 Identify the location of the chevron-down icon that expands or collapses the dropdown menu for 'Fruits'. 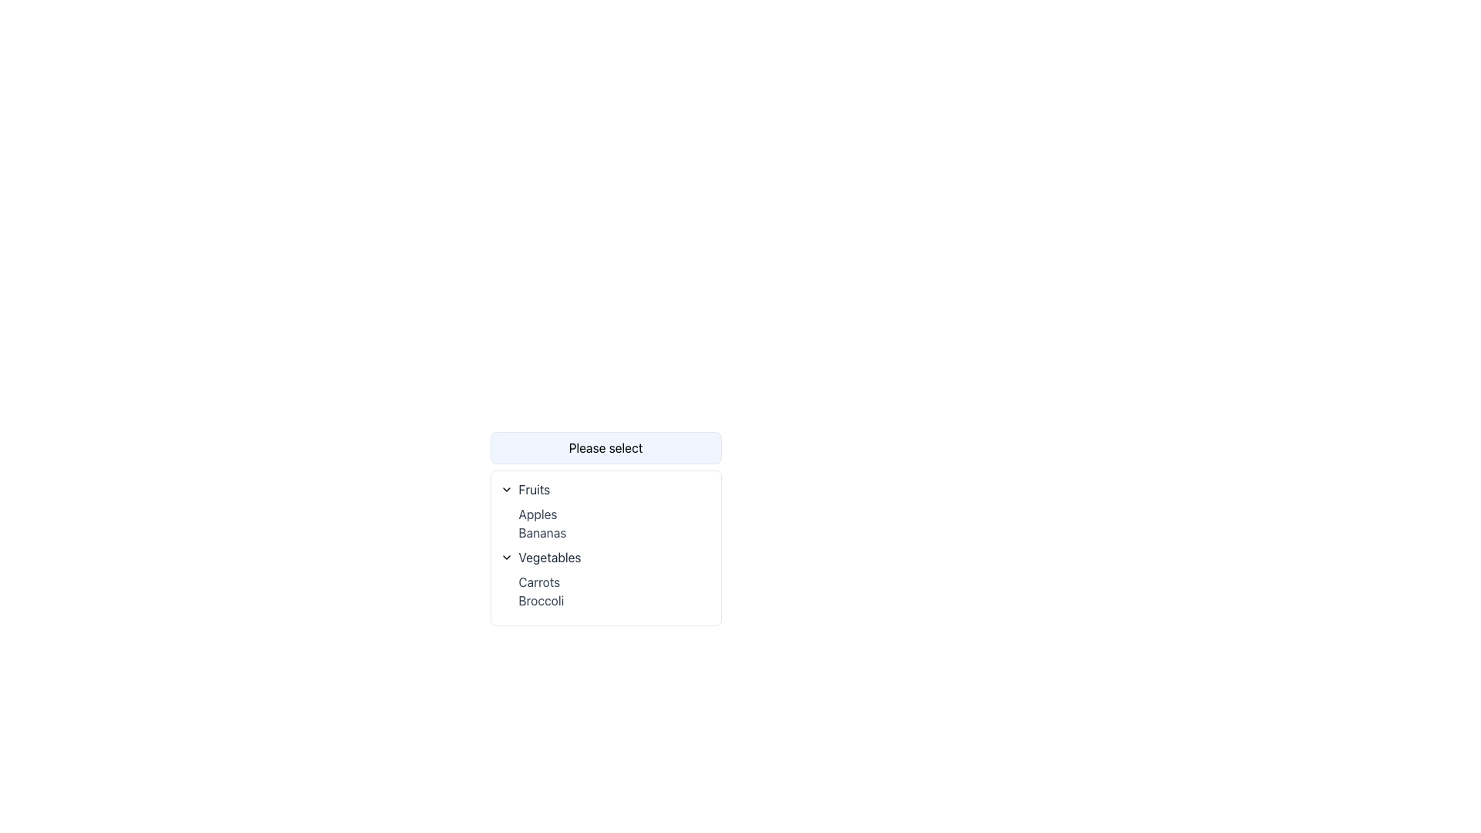
(506, 490).